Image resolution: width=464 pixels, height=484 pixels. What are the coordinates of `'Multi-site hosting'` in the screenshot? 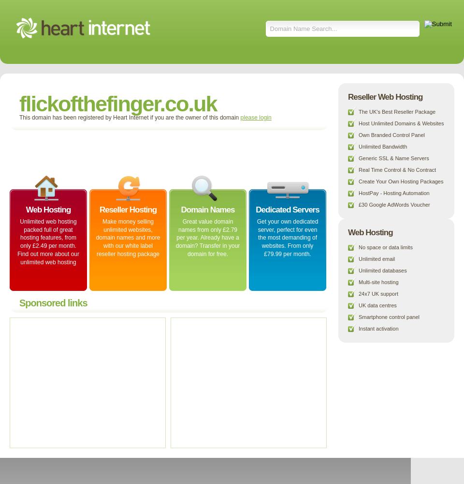 It's located at (358, 282).